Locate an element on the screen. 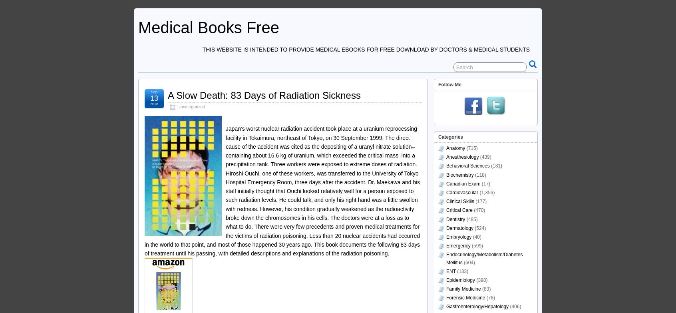  '(524)' is located at coordinates (479, 227).